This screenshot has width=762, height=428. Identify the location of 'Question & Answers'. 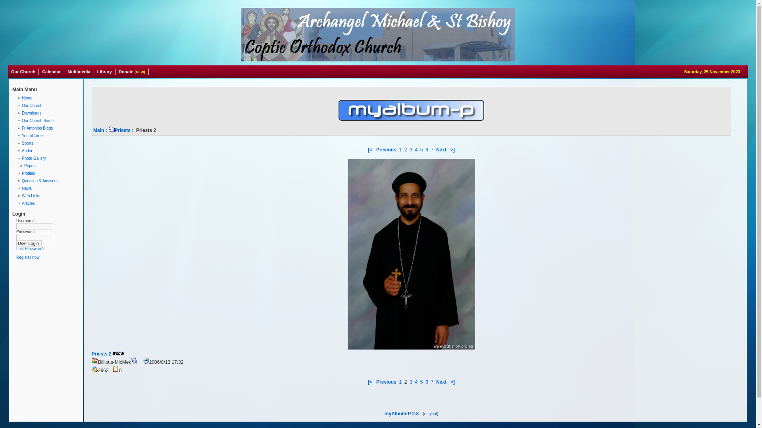
(47, 181).